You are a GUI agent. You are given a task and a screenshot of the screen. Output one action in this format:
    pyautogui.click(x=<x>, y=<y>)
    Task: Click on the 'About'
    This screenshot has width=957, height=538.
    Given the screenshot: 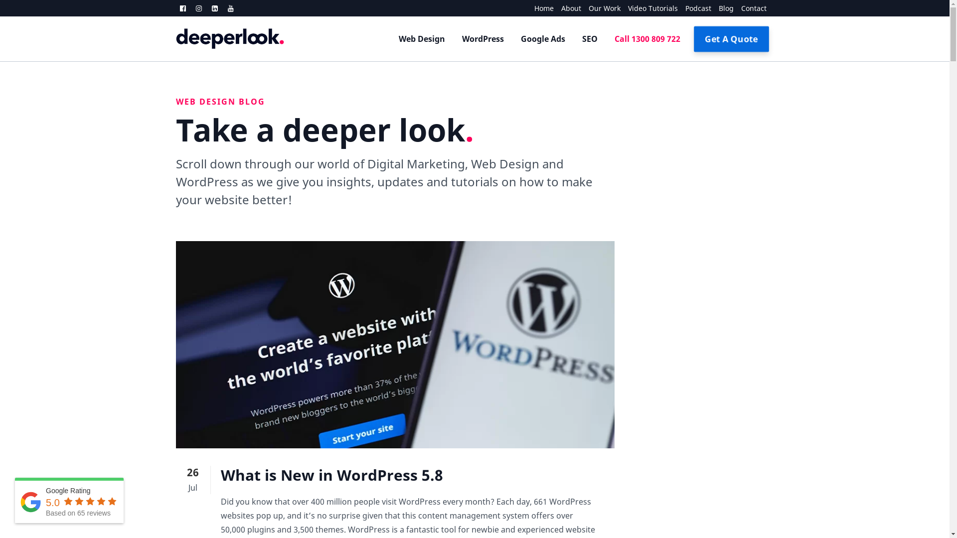 What is the action you would take?
    pyautogui.click(x=552, y=8)
    